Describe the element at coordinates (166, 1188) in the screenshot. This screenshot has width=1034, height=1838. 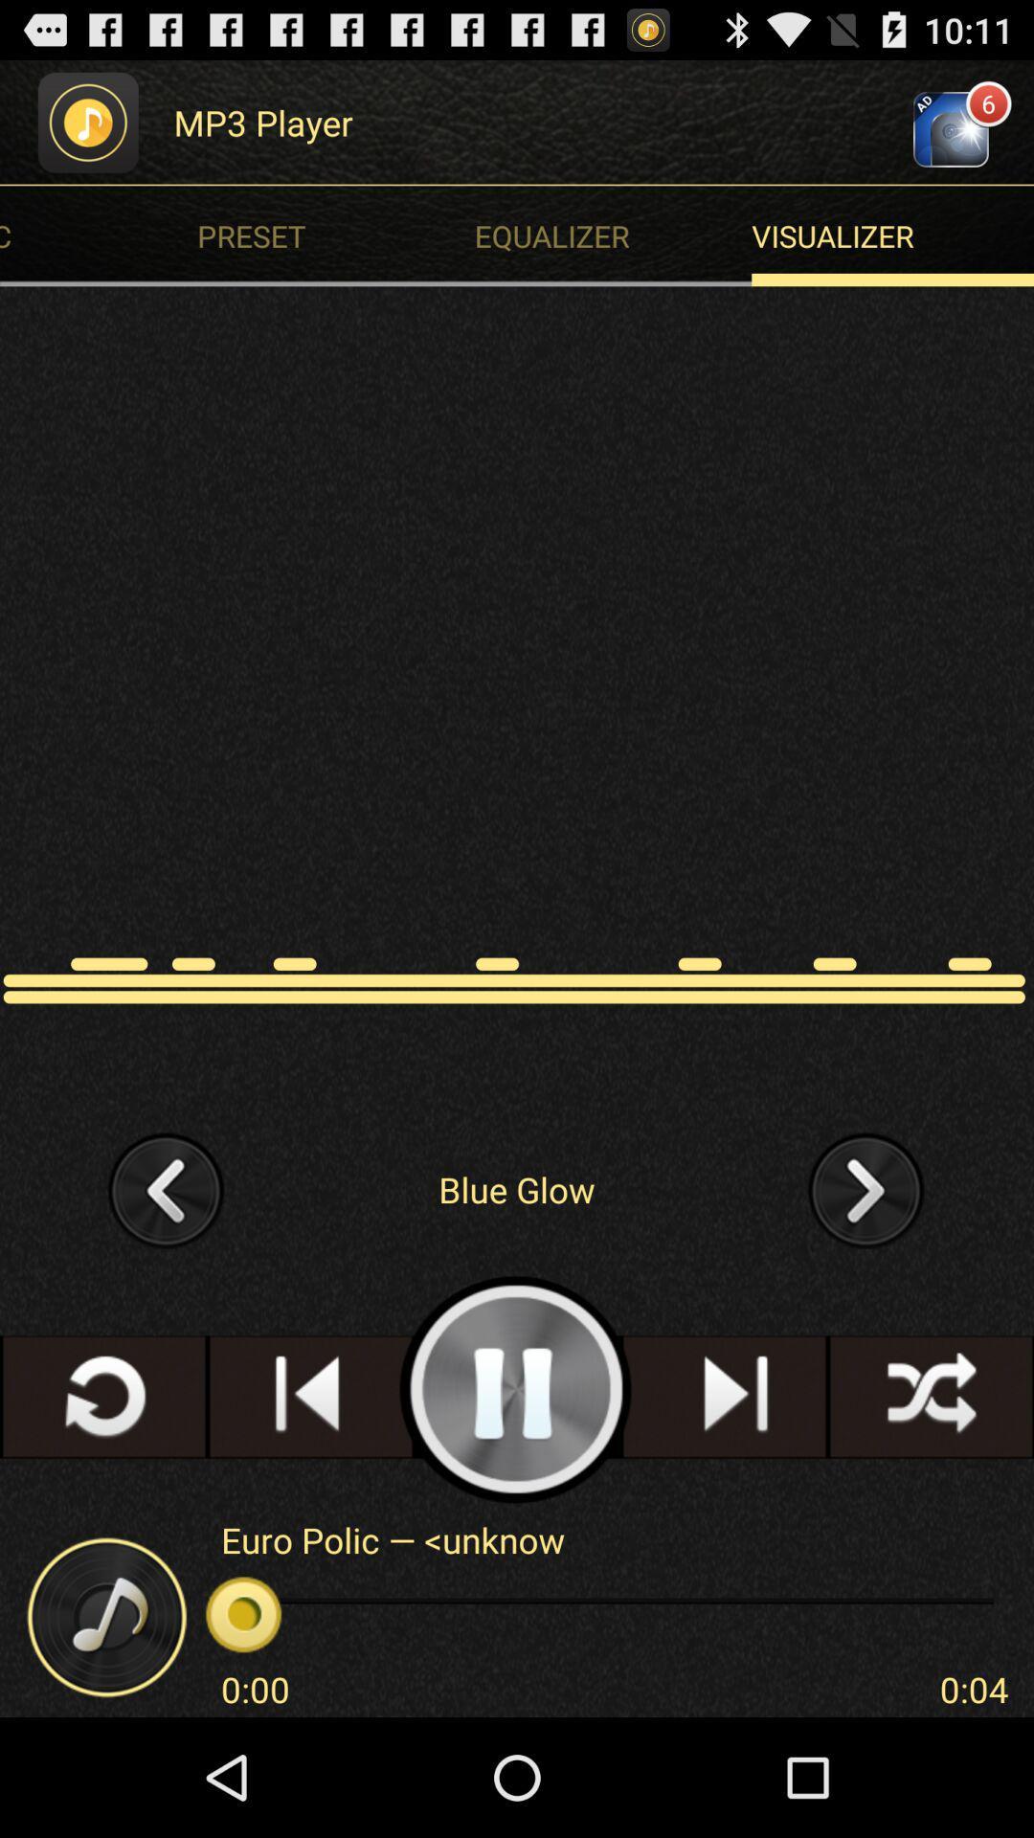
I see `the icon next to the blue glow` at that location.